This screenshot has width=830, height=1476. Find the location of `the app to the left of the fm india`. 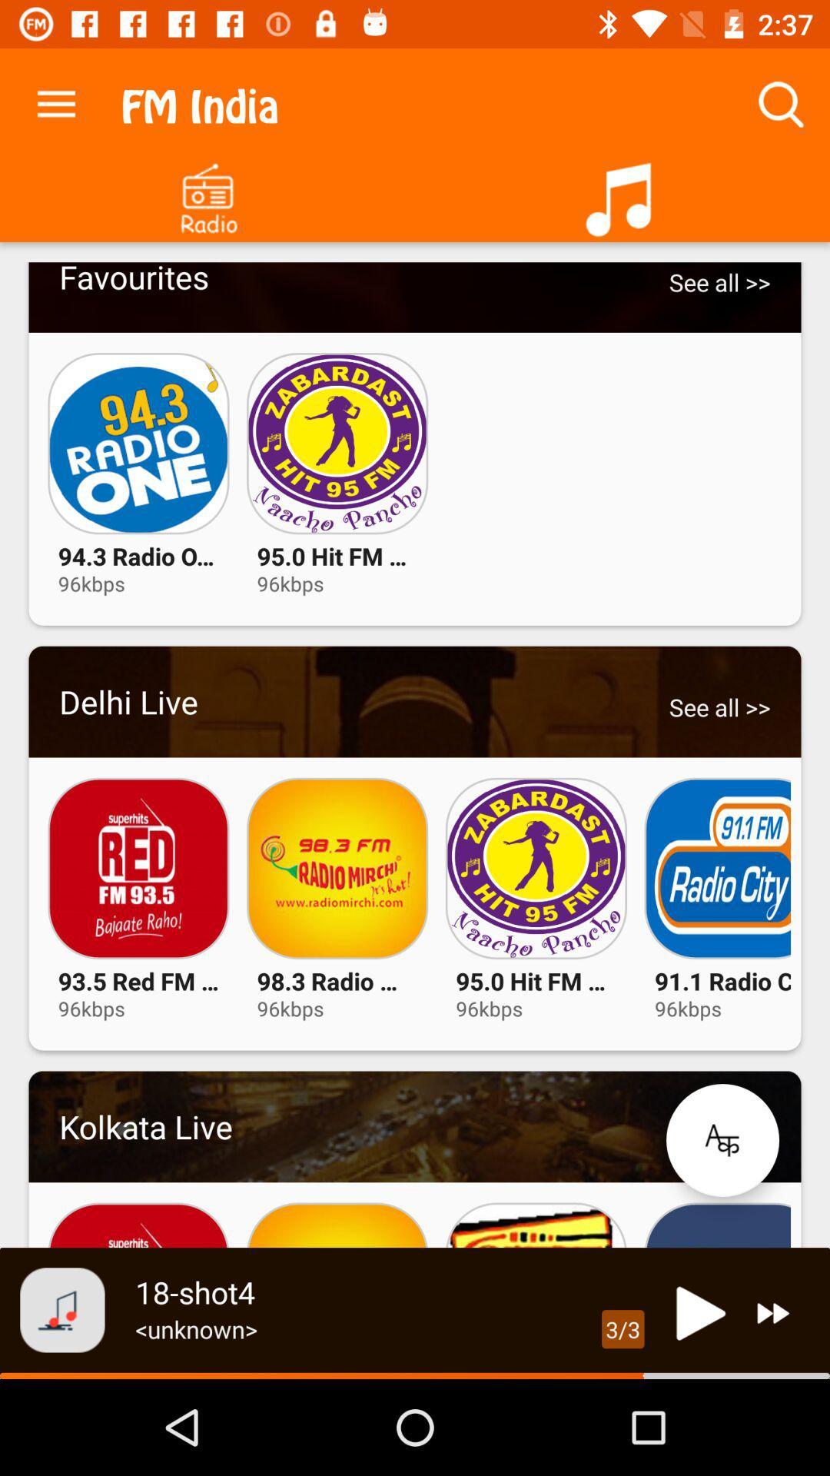

the app to the left of the fm india is located at coordinates (55, 100).